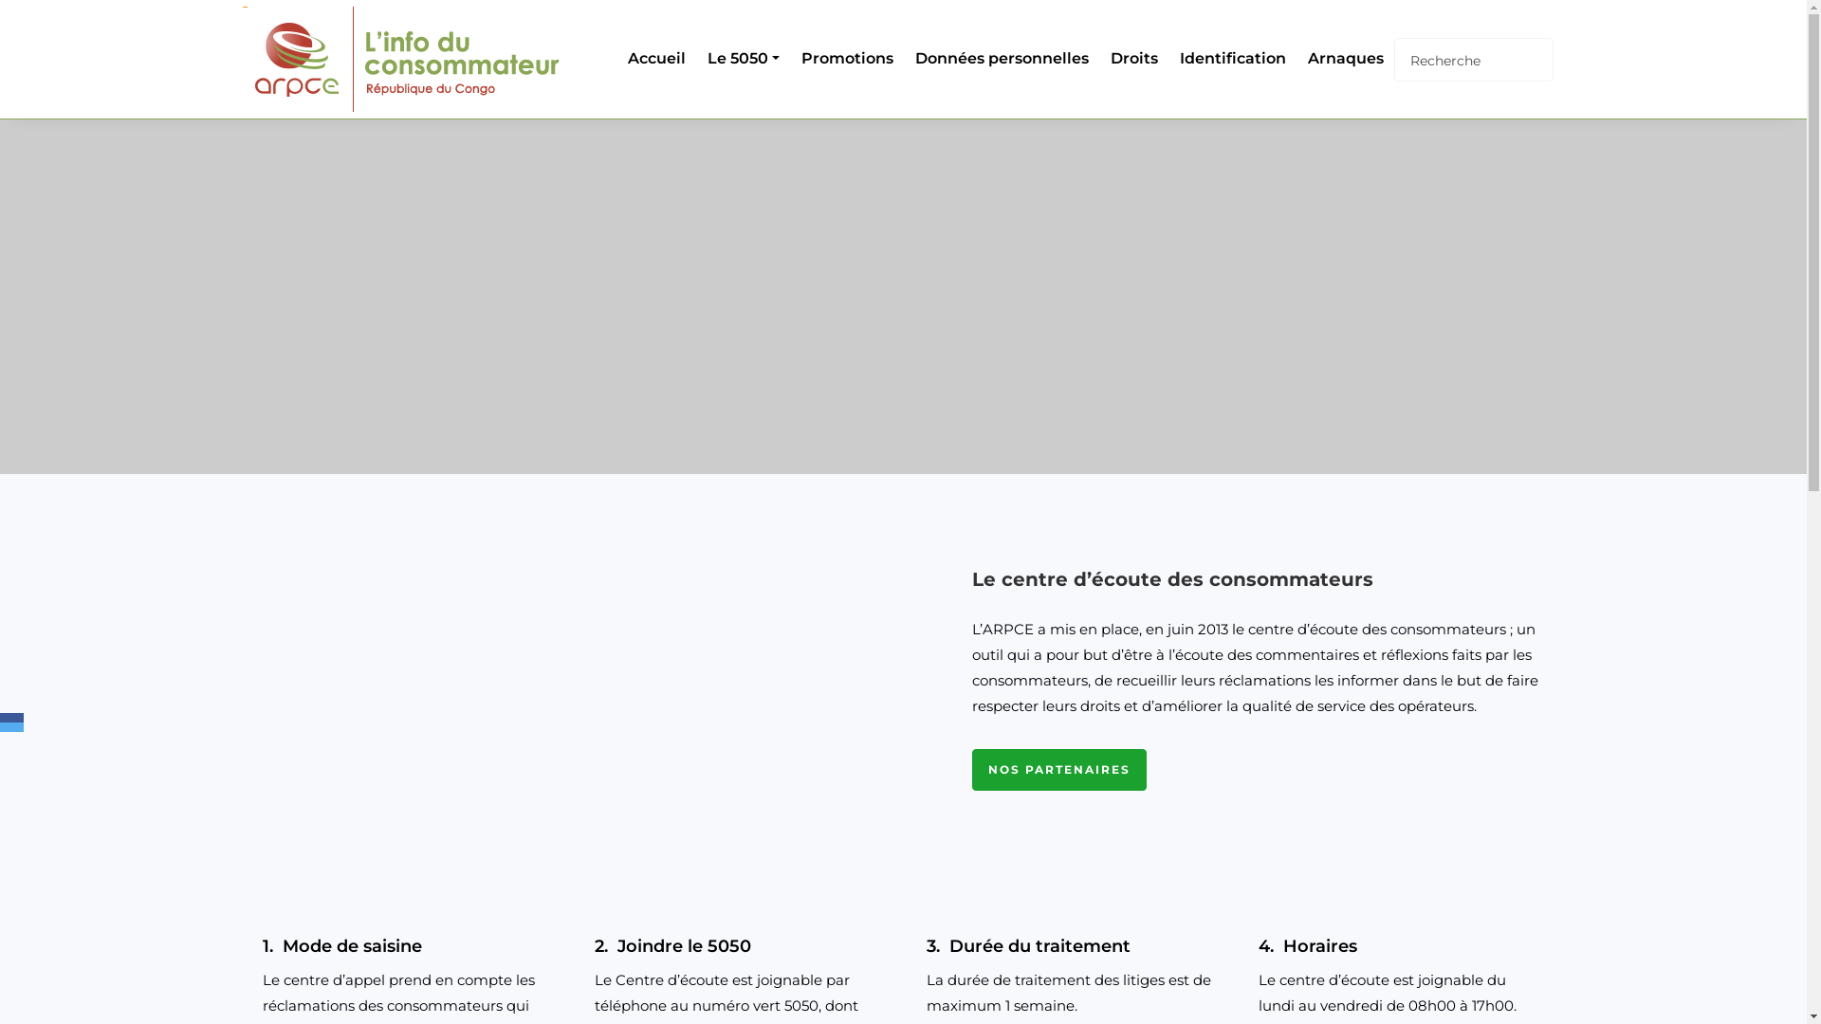 The height and width of the screenshot is (1024, 1821). Describe the element at coordinates (404, 946) in the screenshot. I see `'1.  Mode de saisine'` at that location.